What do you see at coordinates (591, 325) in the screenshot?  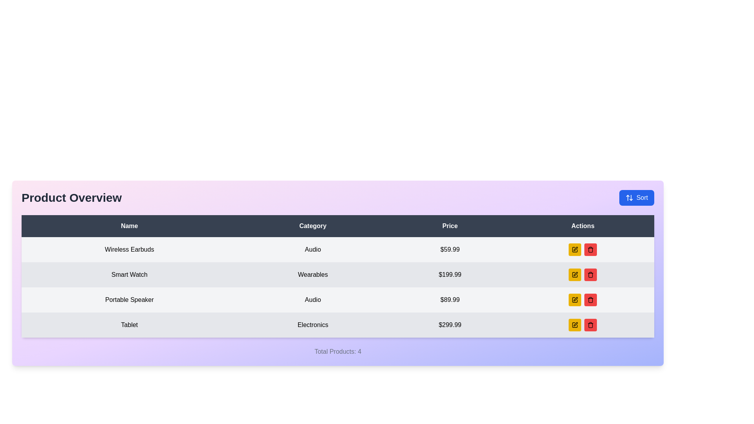 I see `the red trash bin icon button located in the lower-right action column of the 'Tablet' product row` at bounding box center [591, 325].